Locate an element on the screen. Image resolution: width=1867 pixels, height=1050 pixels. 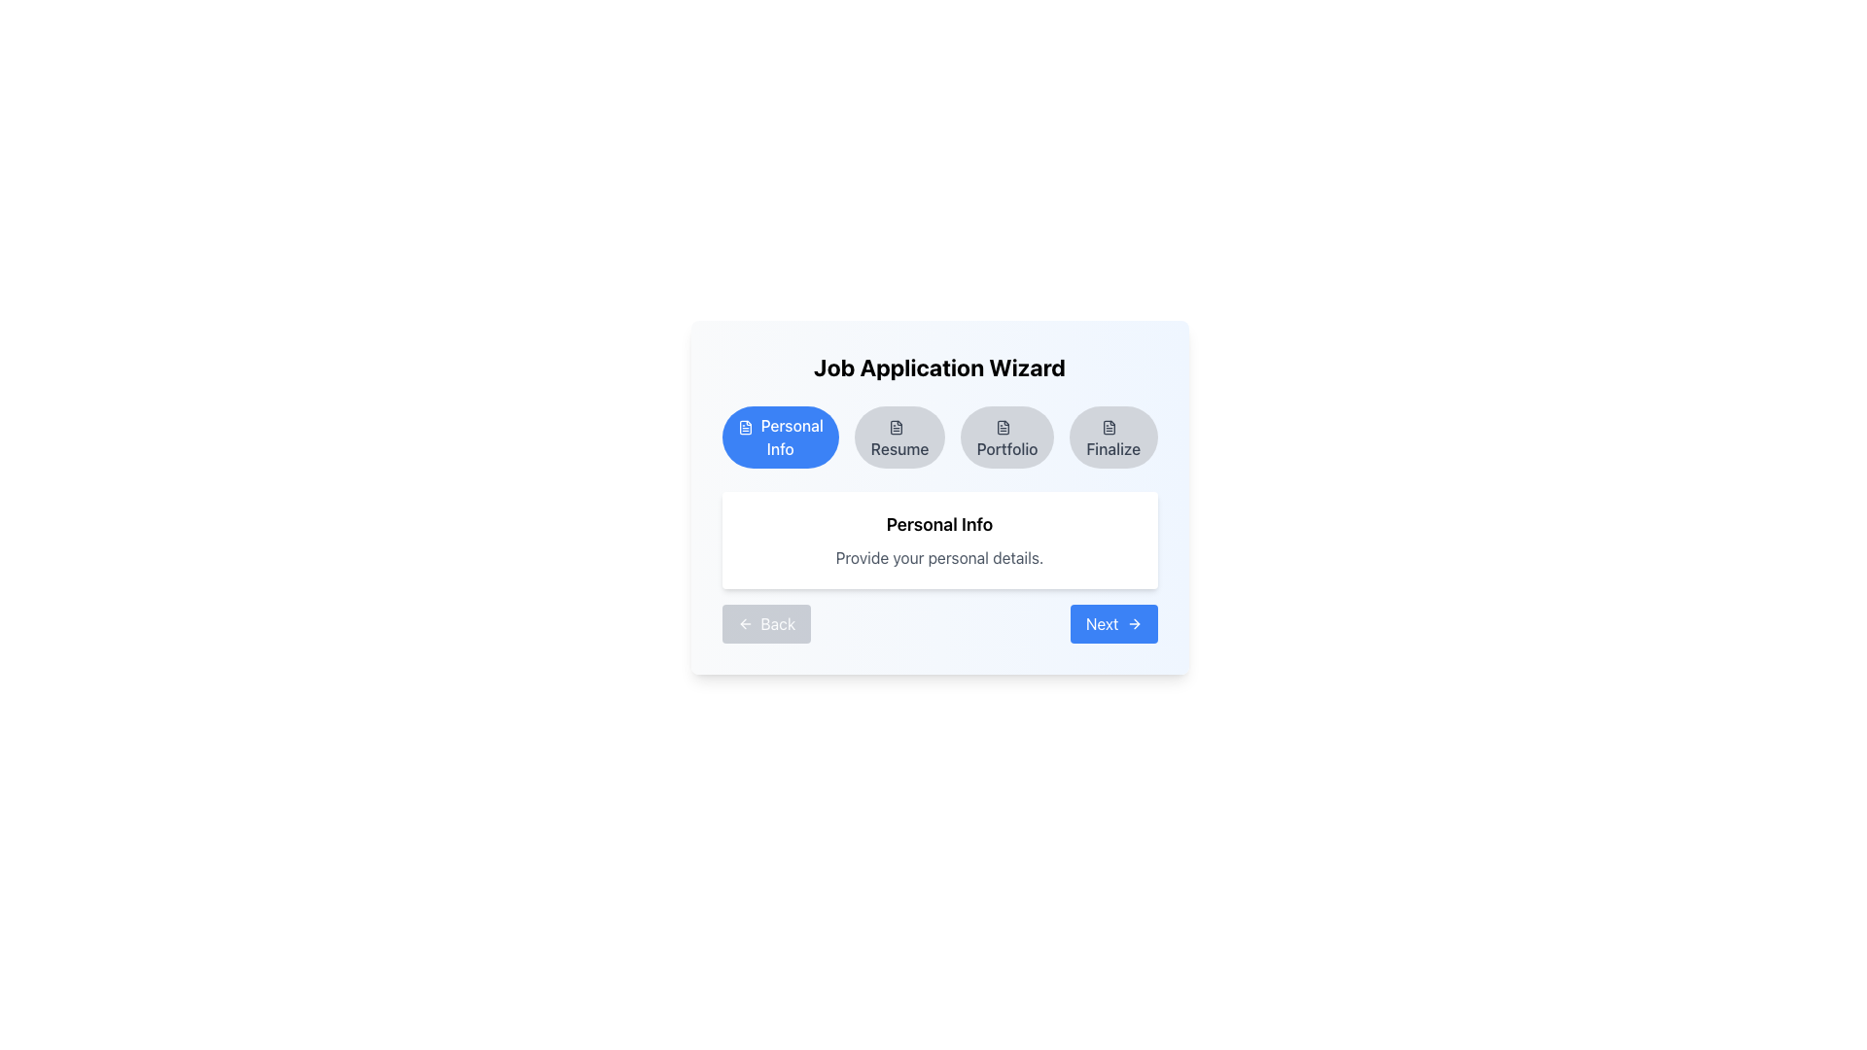
the 'Personal Info' button with rounded edges, blue background, and white text is located at coordinates (780, 437).